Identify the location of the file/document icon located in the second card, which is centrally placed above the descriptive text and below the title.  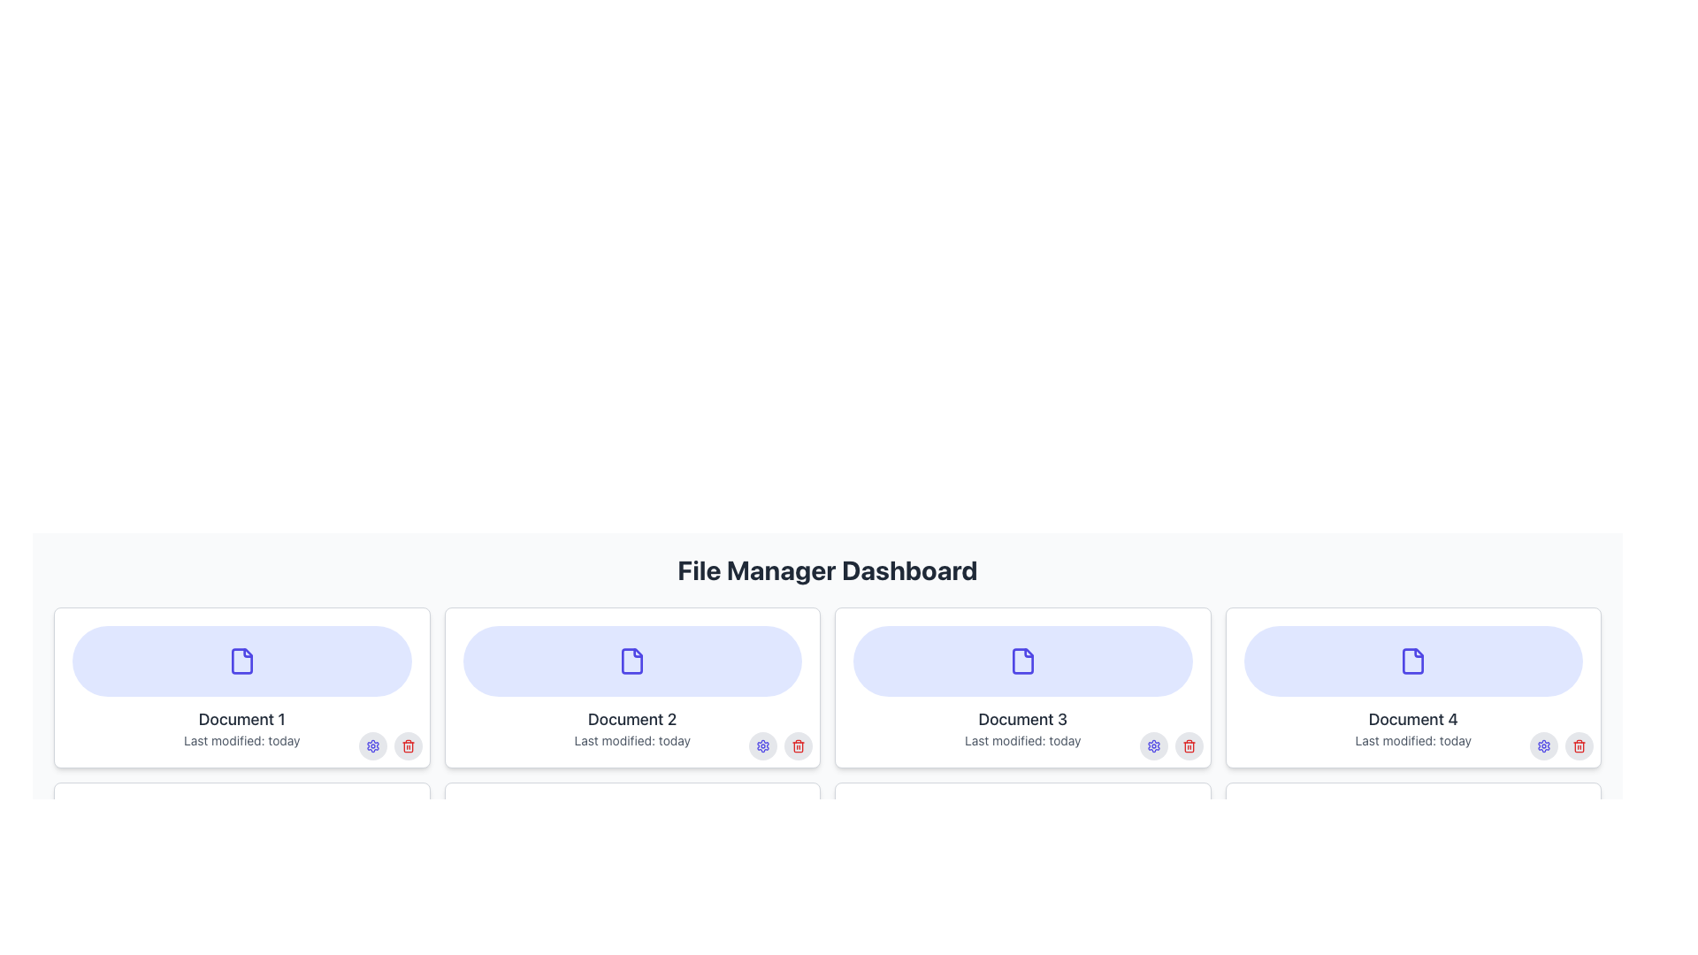
(632, 661).